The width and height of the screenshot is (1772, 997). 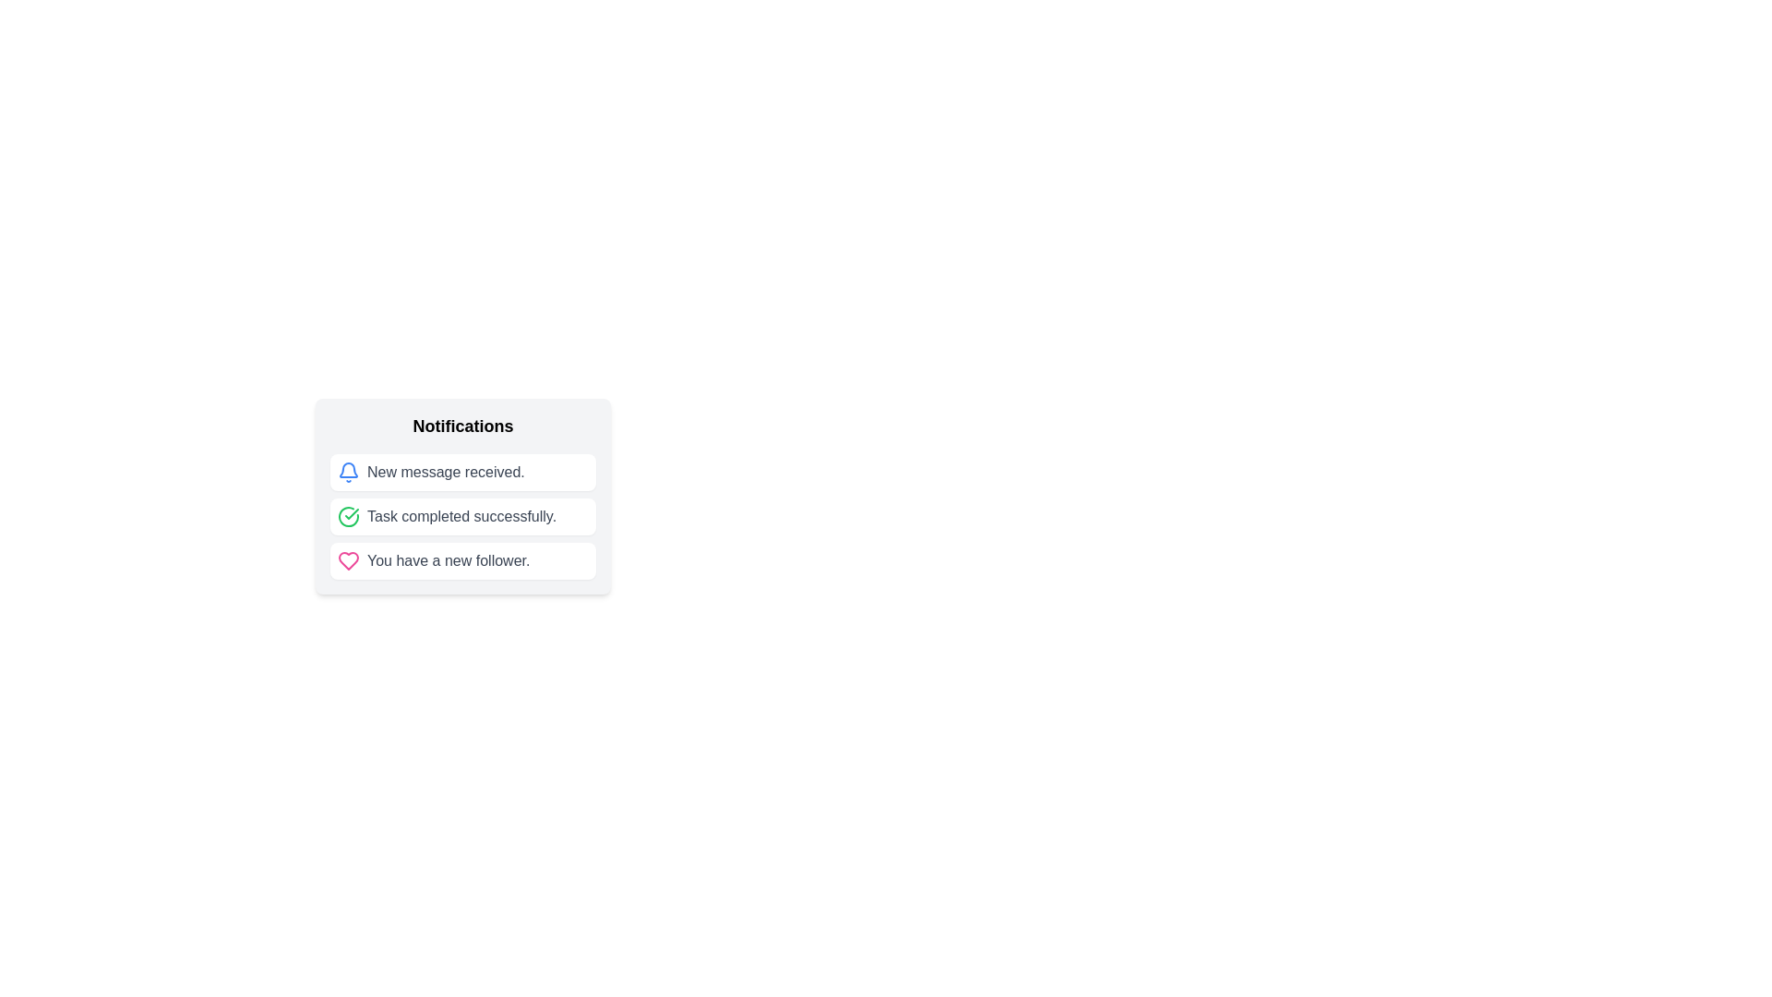 What do you see at coordinates (349, 516) in the screenshot?
I see `the success completion icon located in the middle notification box, adjacent to the text 'Task completed successfully'` at bounding box center [349, 516].